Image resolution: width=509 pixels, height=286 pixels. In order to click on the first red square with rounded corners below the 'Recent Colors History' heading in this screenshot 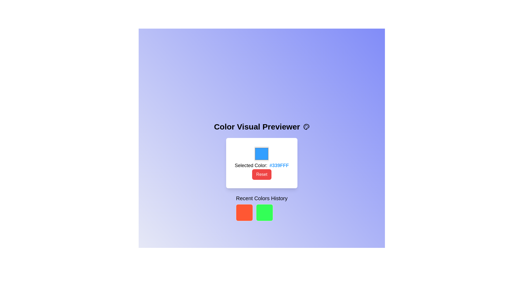, I will do `click(244, 212)`.